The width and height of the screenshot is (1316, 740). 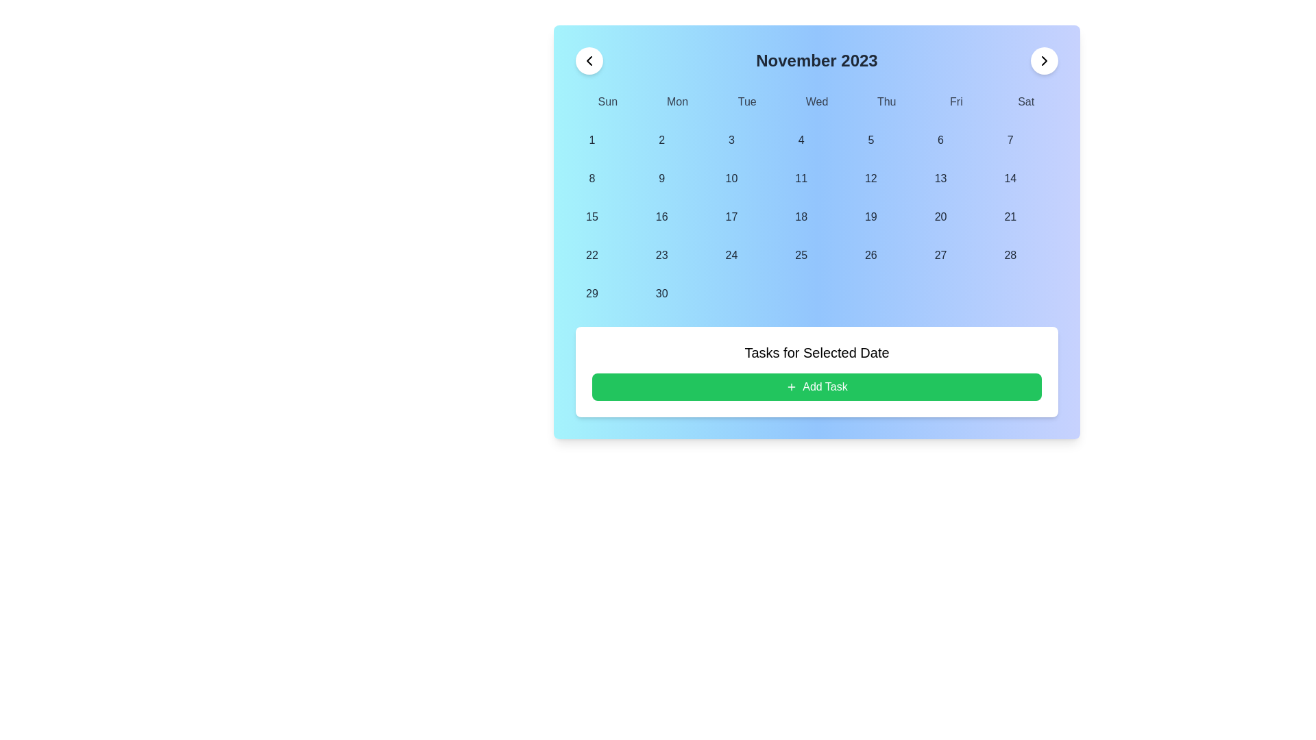 What do you see at coordinates (955, 101) in the screenshot?
I see `the 'Friday' label in the calendar interface` at bounding box center [955, 101].